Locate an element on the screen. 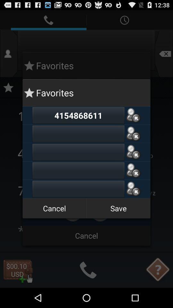  new favorite is located at coordinates (78, 189).